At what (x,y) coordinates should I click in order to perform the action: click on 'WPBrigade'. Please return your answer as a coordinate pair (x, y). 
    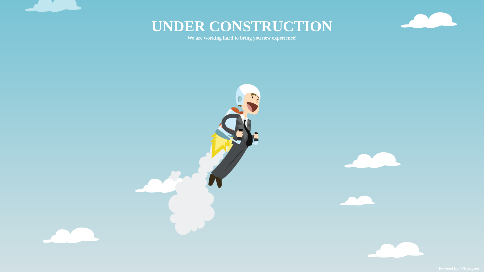
    Looking at the image, I should click on (469, 268).